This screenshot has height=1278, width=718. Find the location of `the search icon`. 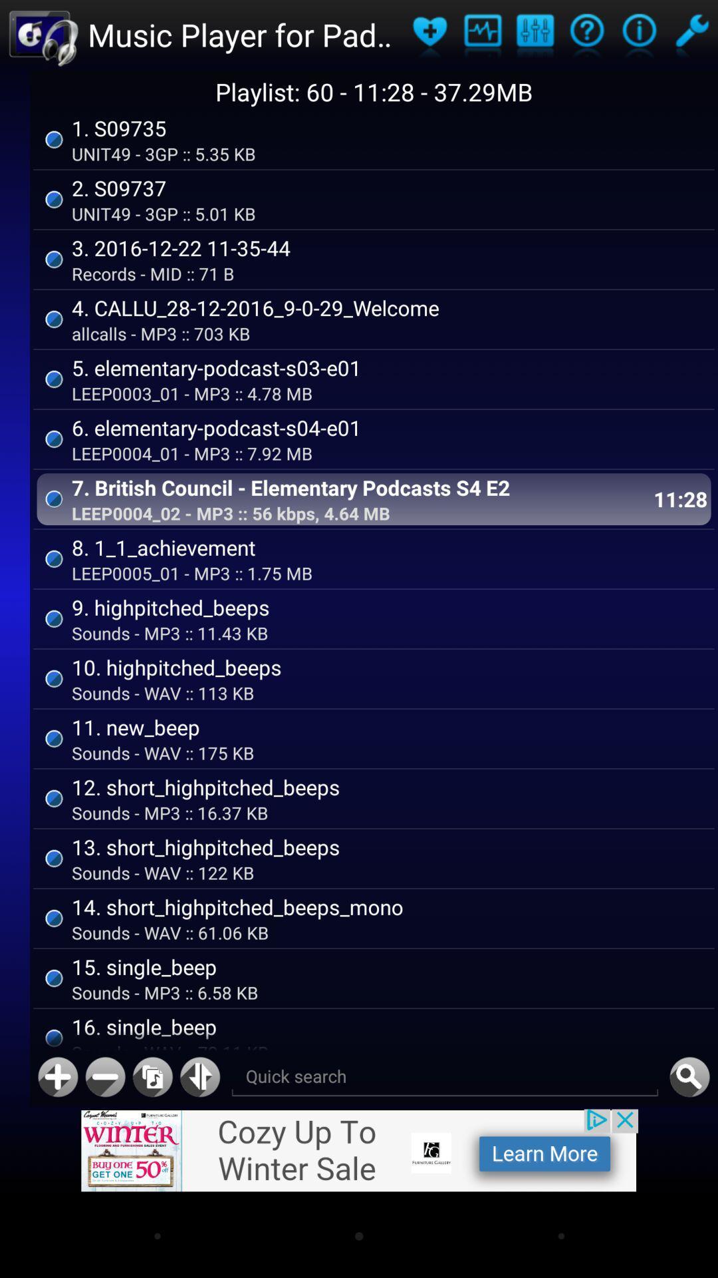

the search icon is located at coordinates (689, 1152).